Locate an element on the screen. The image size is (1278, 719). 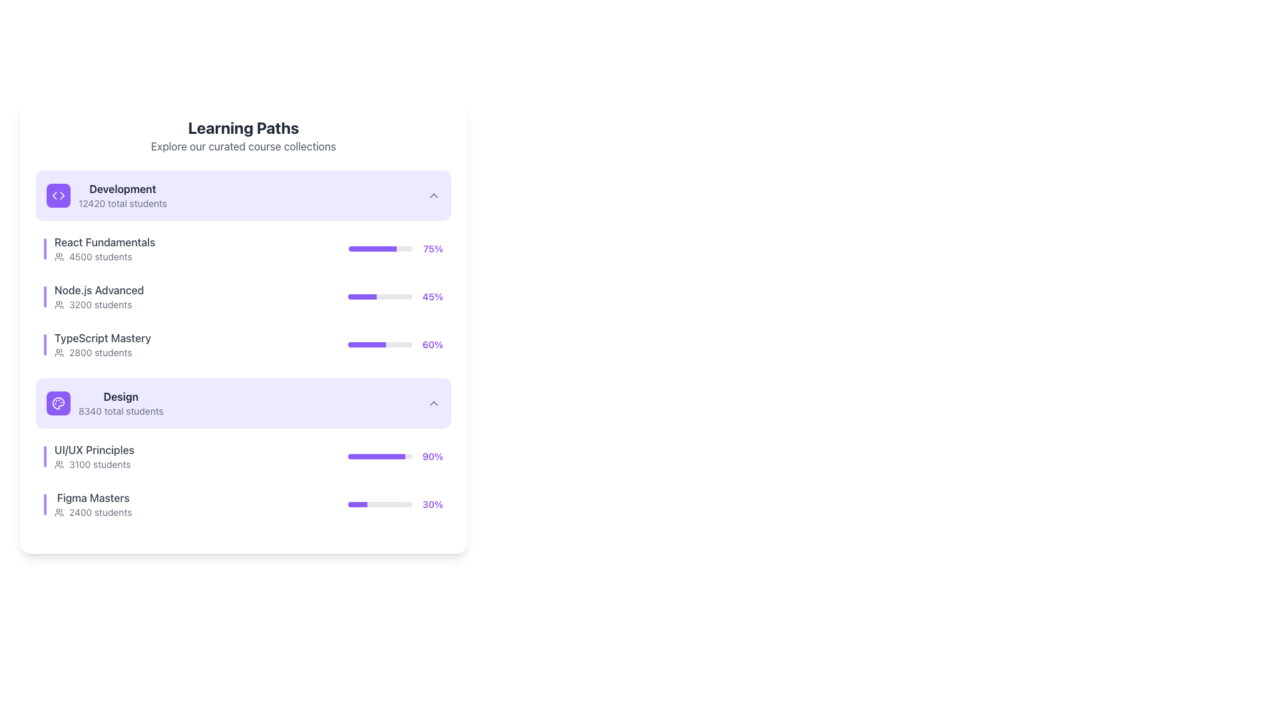
the stylized icon depicting a group of people, which is located to the left of the text '3100 students' in the UI/UX Principles section under the Design category is located at coordinates (59, 464).